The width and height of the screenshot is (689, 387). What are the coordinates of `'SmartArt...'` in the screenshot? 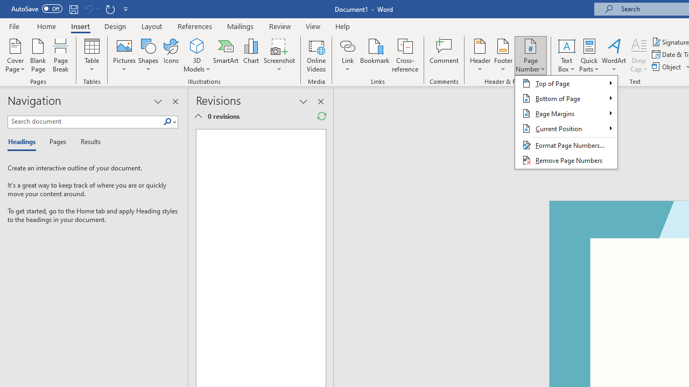 It's located at (225, 55).